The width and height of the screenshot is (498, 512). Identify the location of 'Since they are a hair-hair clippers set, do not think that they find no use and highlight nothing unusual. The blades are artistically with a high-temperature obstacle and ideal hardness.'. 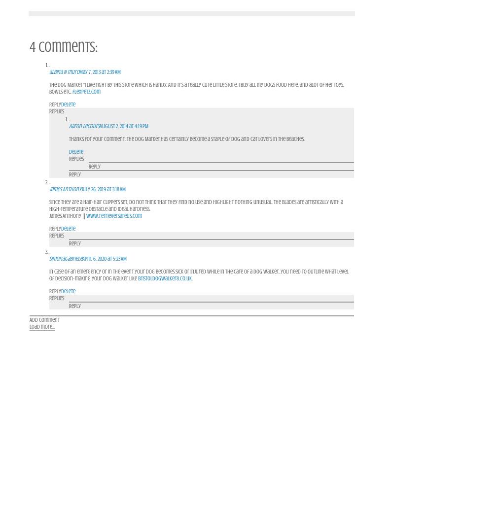
(196, 205).